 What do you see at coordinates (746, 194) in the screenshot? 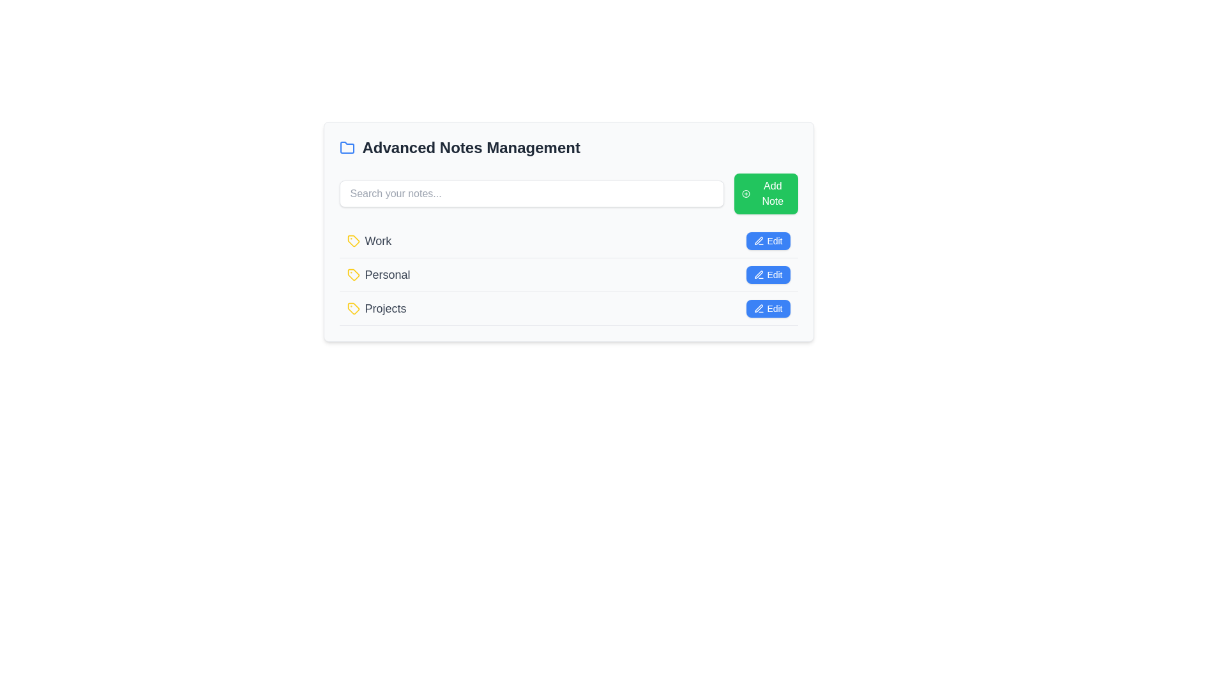
I see `the circular icon with a plus symbol embedded in it, located on the left side of the 'Add Note' button` at bounding box center [746, 194].